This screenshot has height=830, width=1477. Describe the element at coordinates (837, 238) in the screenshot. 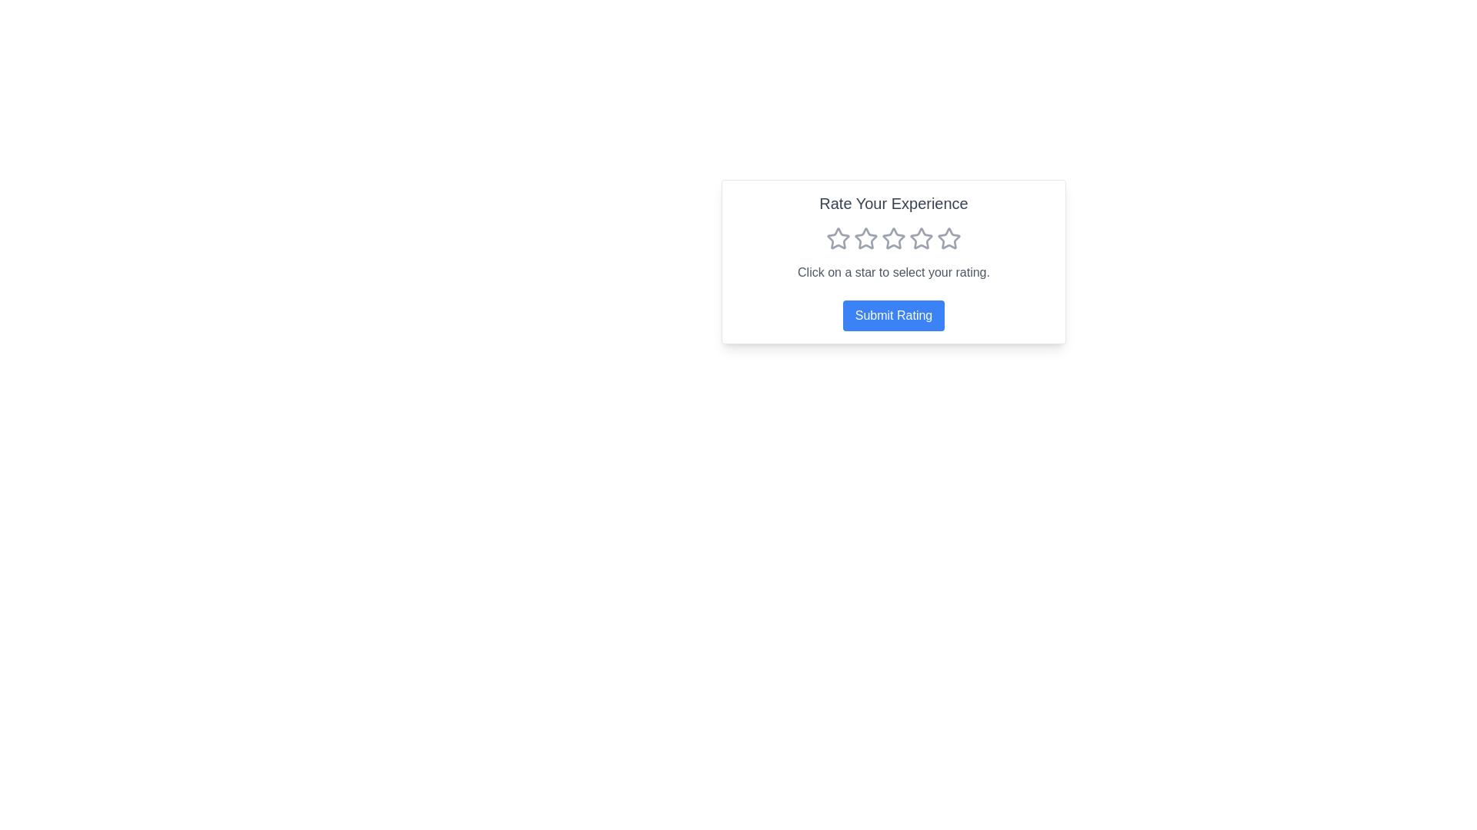

I see `the first rating star in the sequence, which is displayed below the 'Rate Your Experience' prompt` at that location.